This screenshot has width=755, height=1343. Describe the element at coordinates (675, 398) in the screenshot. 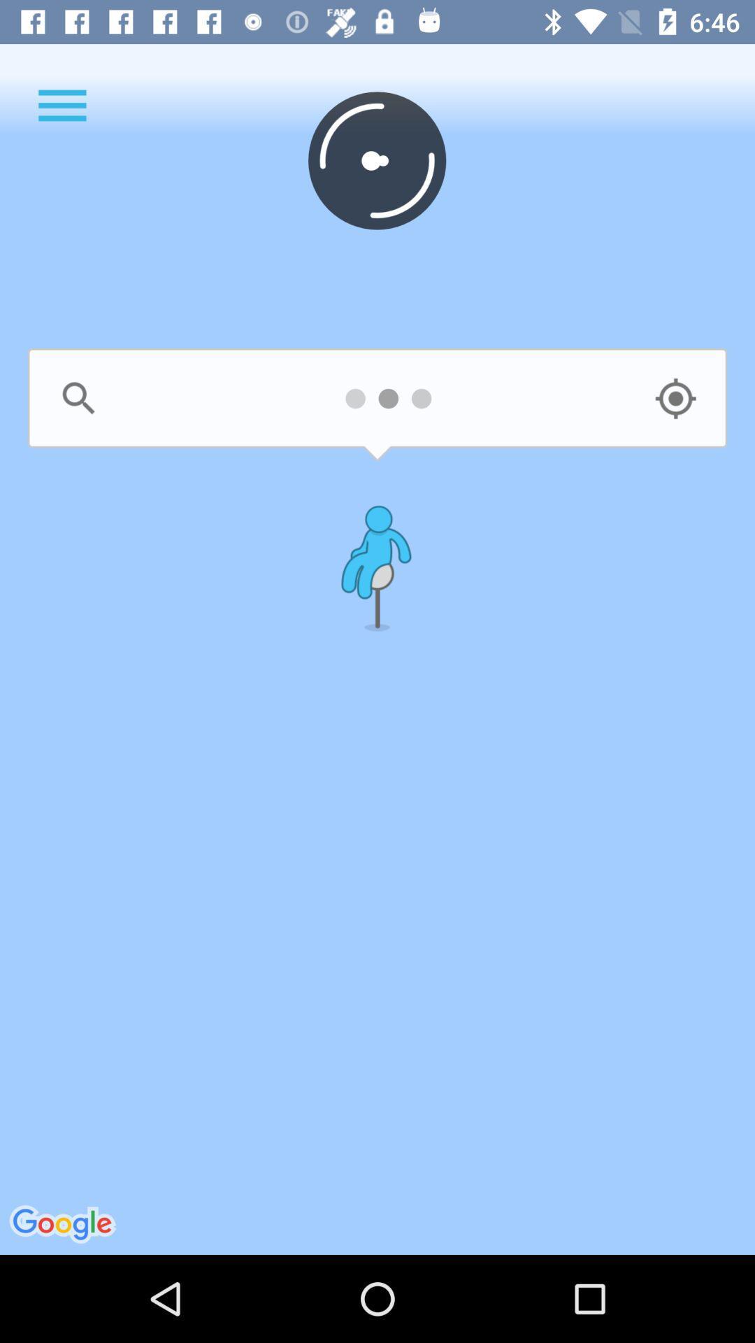

I see `the location_crosshair icon` at that location.